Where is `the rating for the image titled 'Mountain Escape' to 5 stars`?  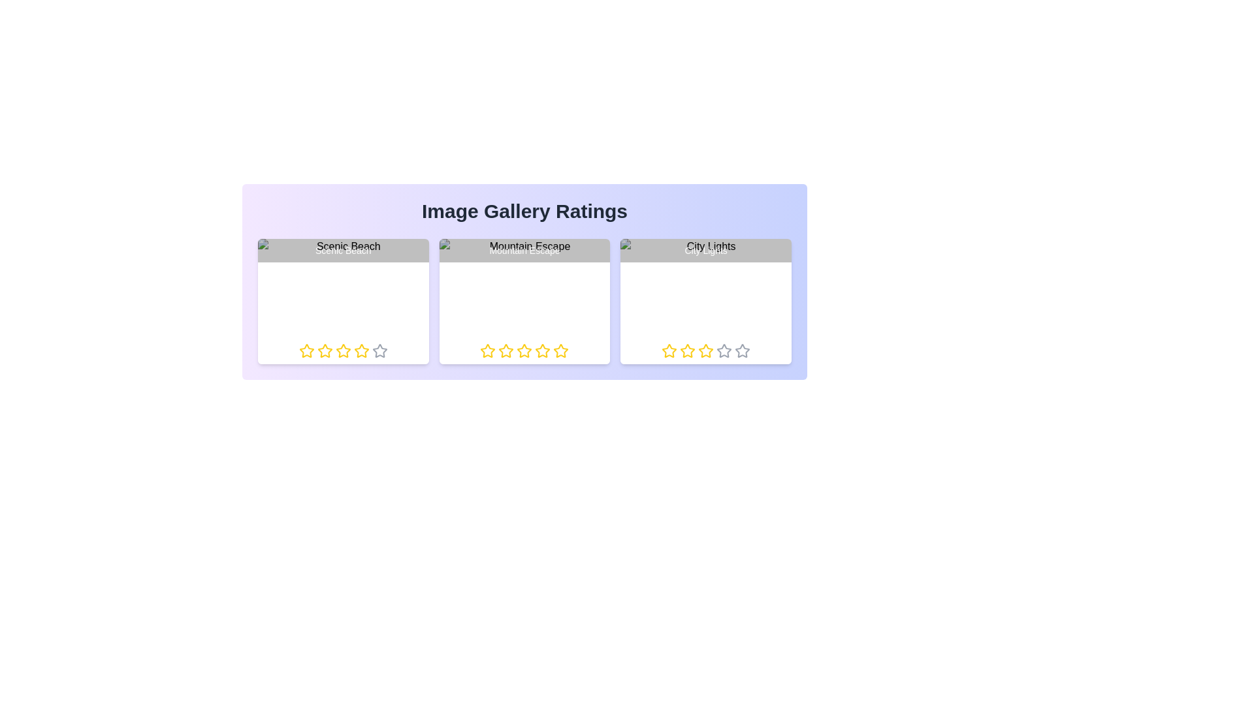
the rating for the image titled 'Mountain Escape' to 5 stars is located at coordinates (553, 350).